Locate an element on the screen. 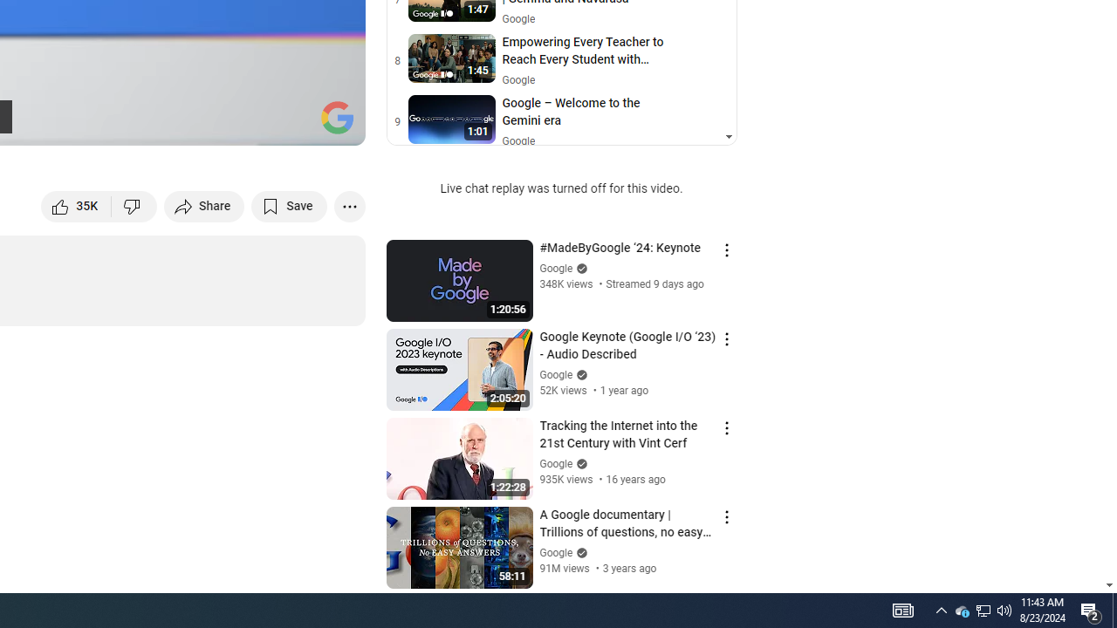 This screenshot has width=1117, height=628. 'More actions' is located at coordinates (349, 205).